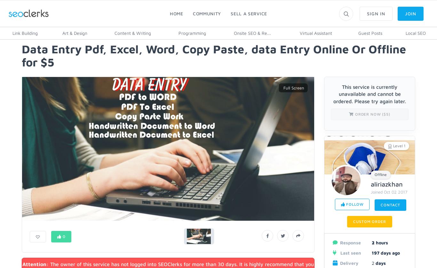  What do you see at coordinates (198, 27) in the screenshot?
I see `'Blog'` at bounding box center [198, 27].